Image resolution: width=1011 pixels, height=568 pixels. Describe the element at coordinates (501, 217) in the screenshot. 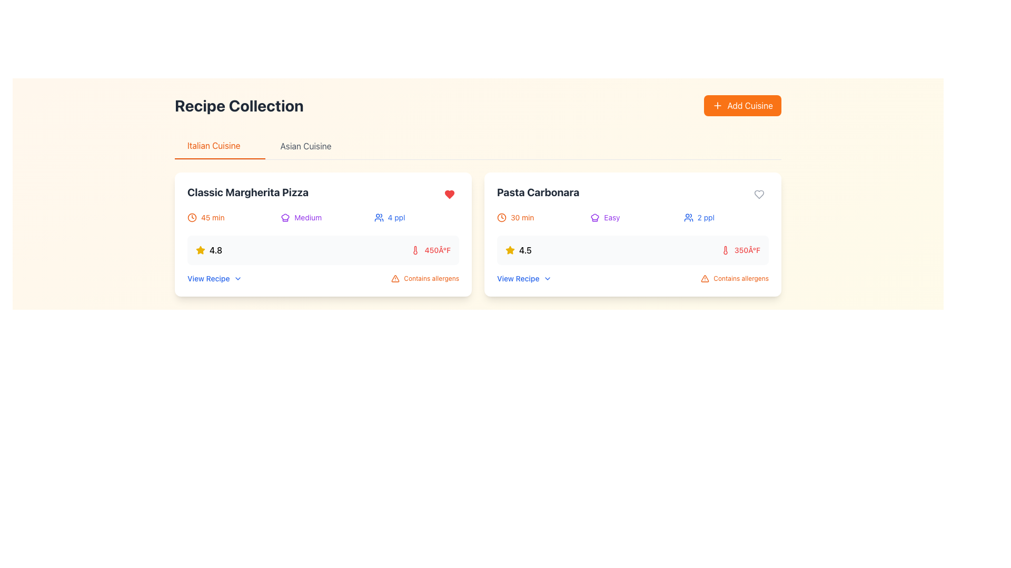

I see `the Clock icon located to the left of the '30 min' text, which indicates the time duration for the 'Pasta Carbonara' recipe` at that location.